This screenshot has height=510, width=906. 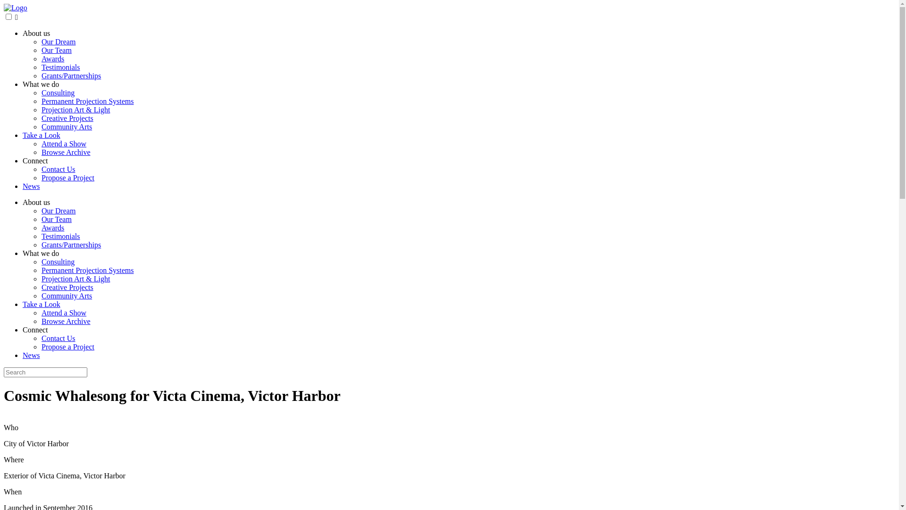 What do you see at coordinates (66, 295) in the screenshot?
I see `'Community Arts'` at bounding box center [66, 295].